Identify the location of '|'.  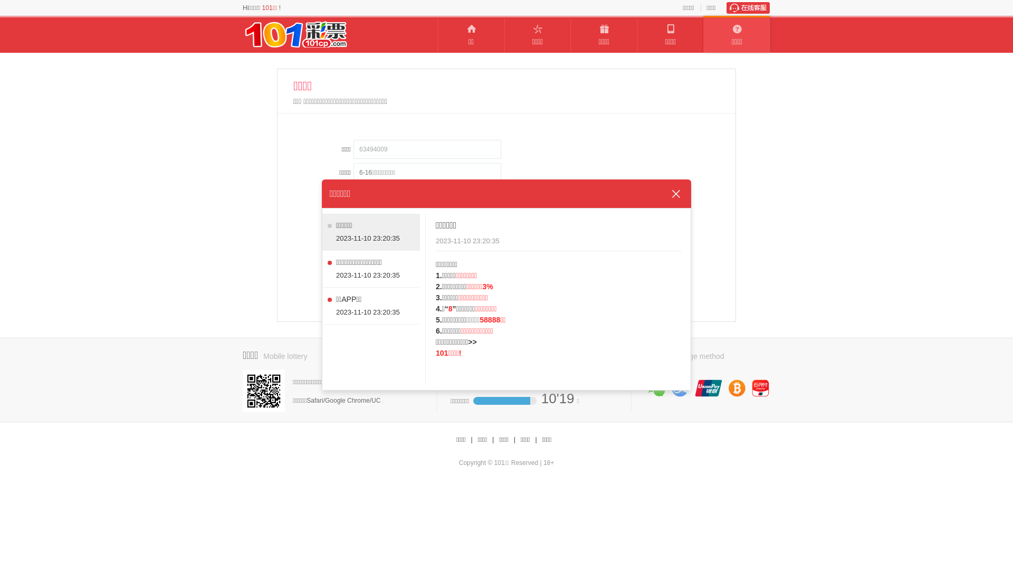
(514, 440).